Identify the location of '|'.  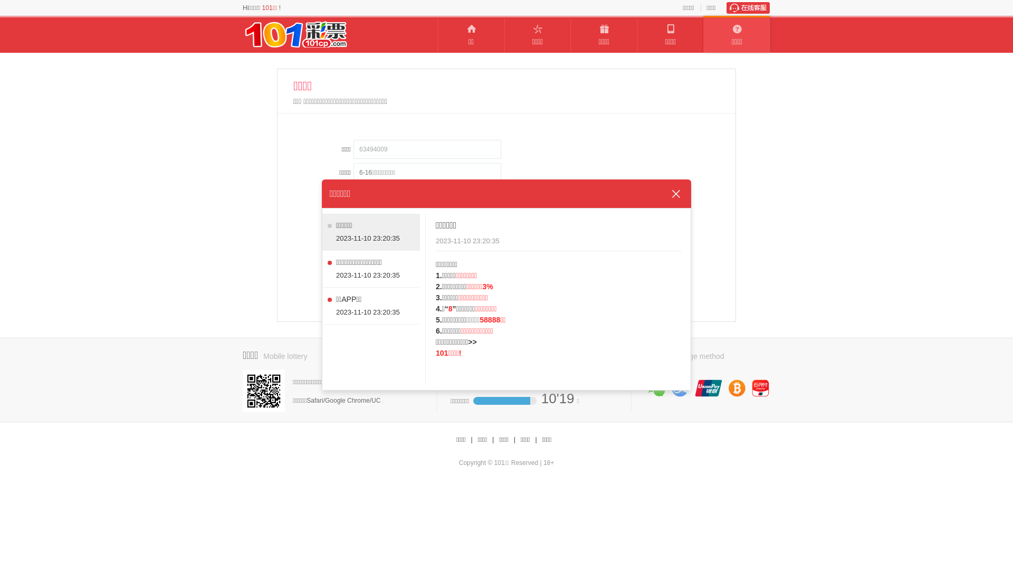
(514, 440).